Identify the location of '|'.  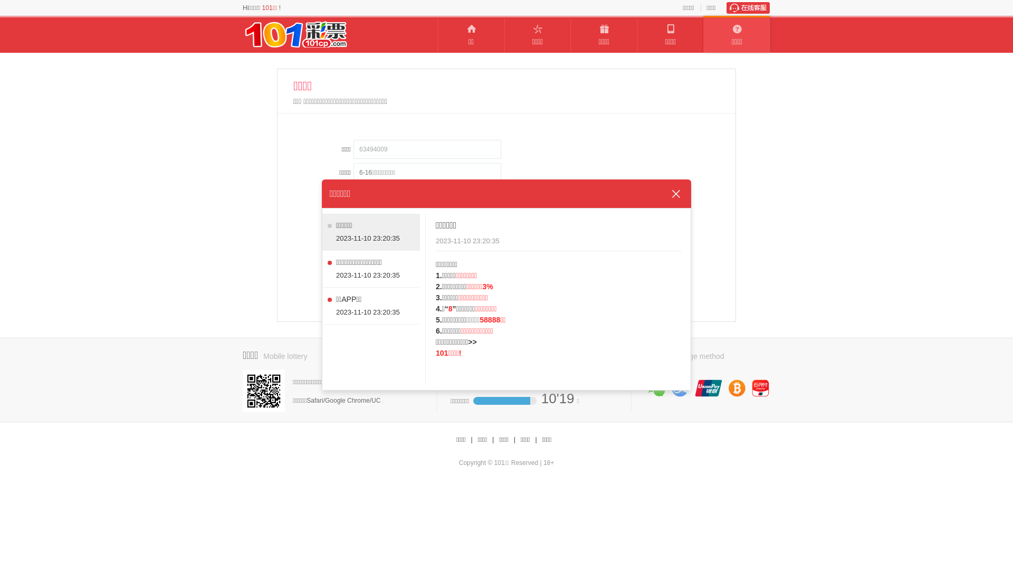
(514, 440).